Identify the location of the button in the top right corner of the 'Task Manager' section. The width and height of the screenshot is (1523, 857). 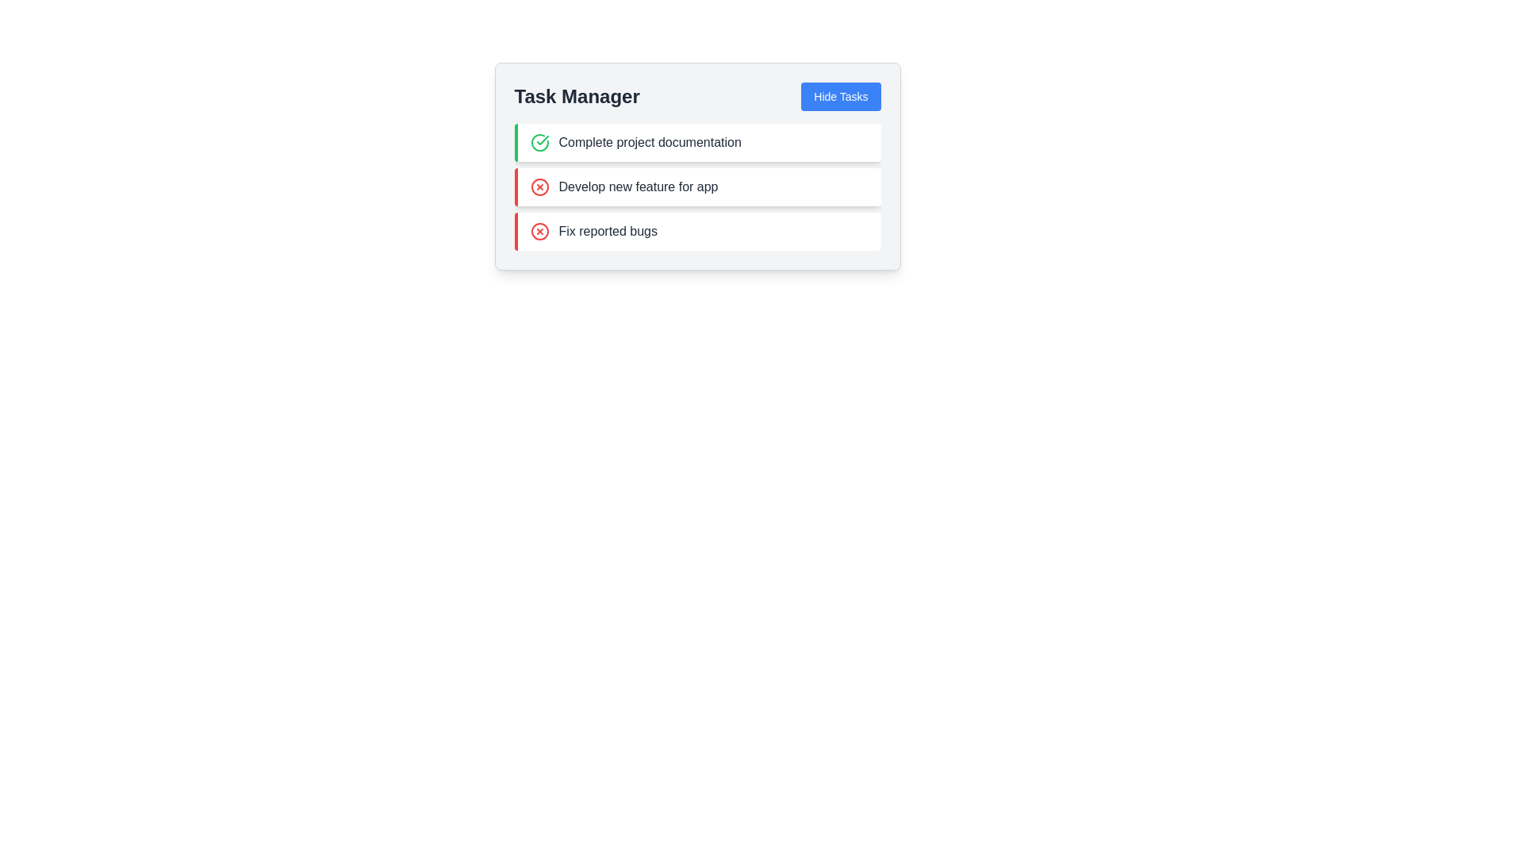
(840, 97).